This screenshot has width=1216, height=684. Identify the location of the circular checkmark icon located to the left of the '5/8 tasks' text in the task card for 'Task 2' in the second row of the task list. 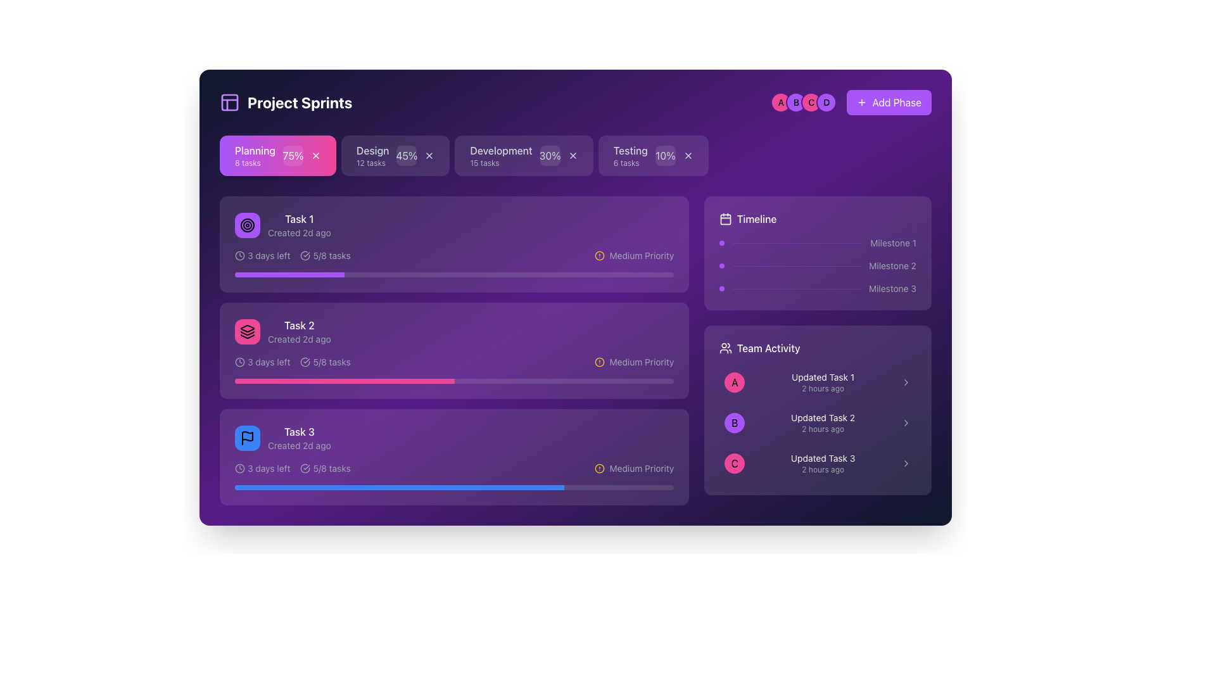
(305, 362).